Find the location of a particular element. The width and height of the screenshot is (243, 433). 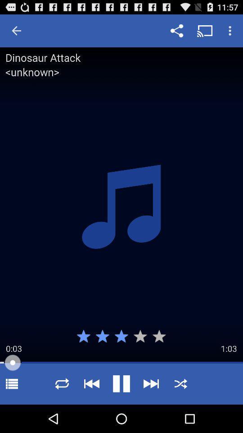

shuffle is located at coordinates (62, 383).